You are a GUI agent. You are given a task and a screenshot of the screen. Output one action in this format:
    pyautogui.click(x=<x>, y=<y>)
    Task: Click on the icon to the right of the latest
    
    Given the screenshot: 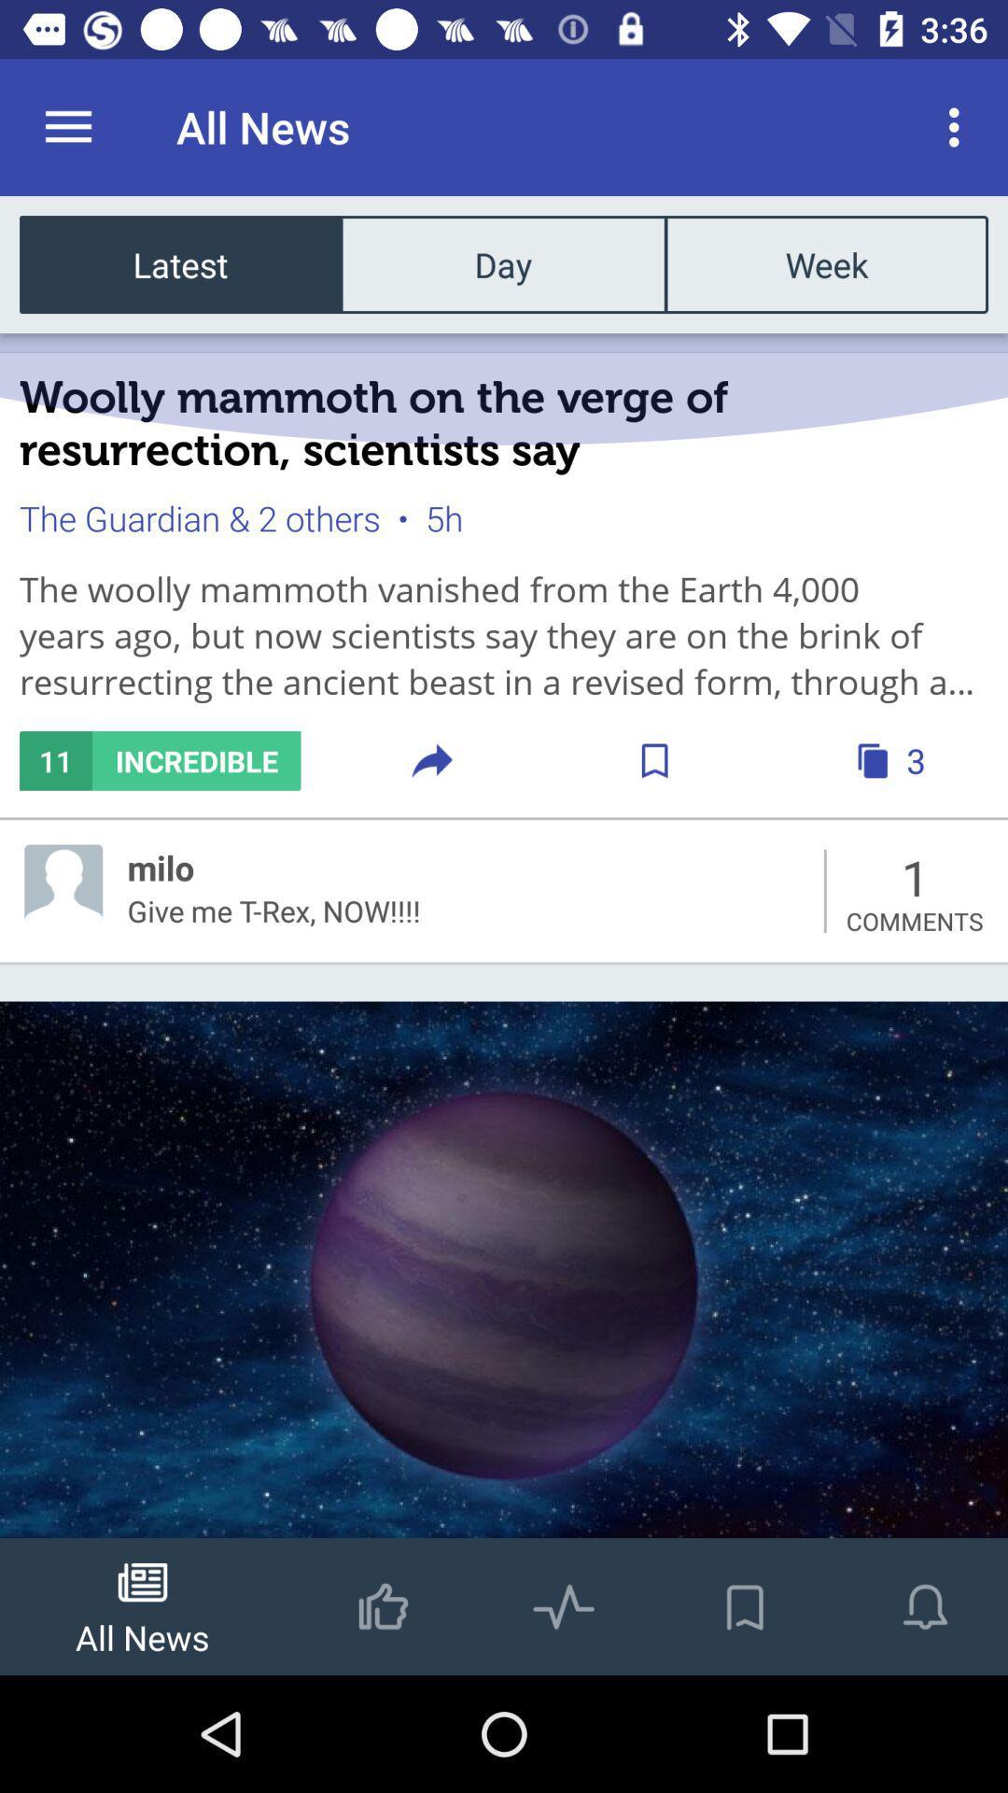 What is the action you would take?
    pyautogui.click(x=502, y=263)
    